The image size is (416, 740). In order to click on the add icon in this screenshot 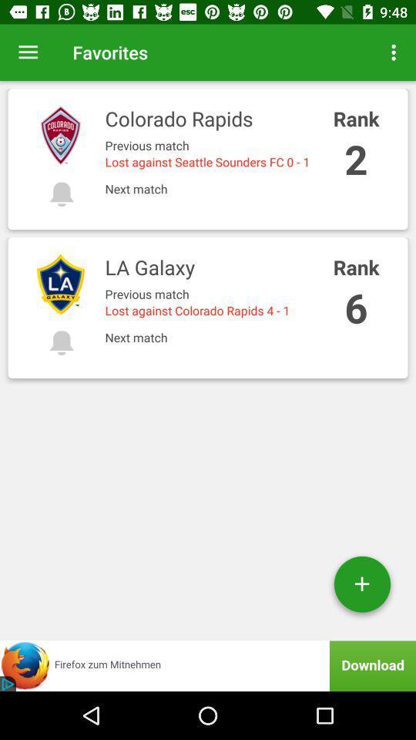, I will do `click(362, 586)`.